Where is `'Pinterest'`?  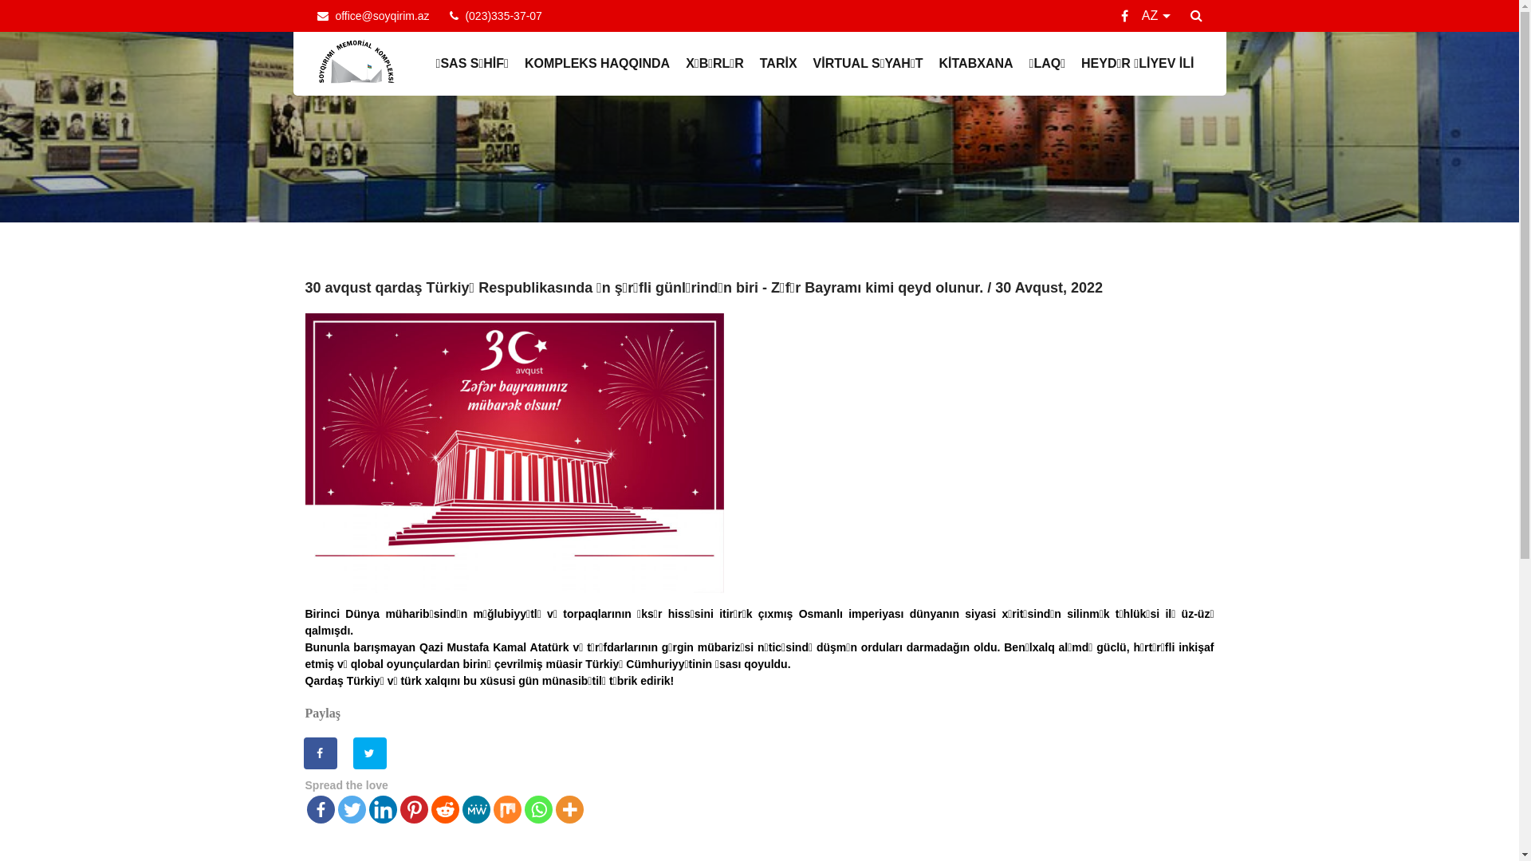 'Pinterest' is located at coordinates (414, 809).